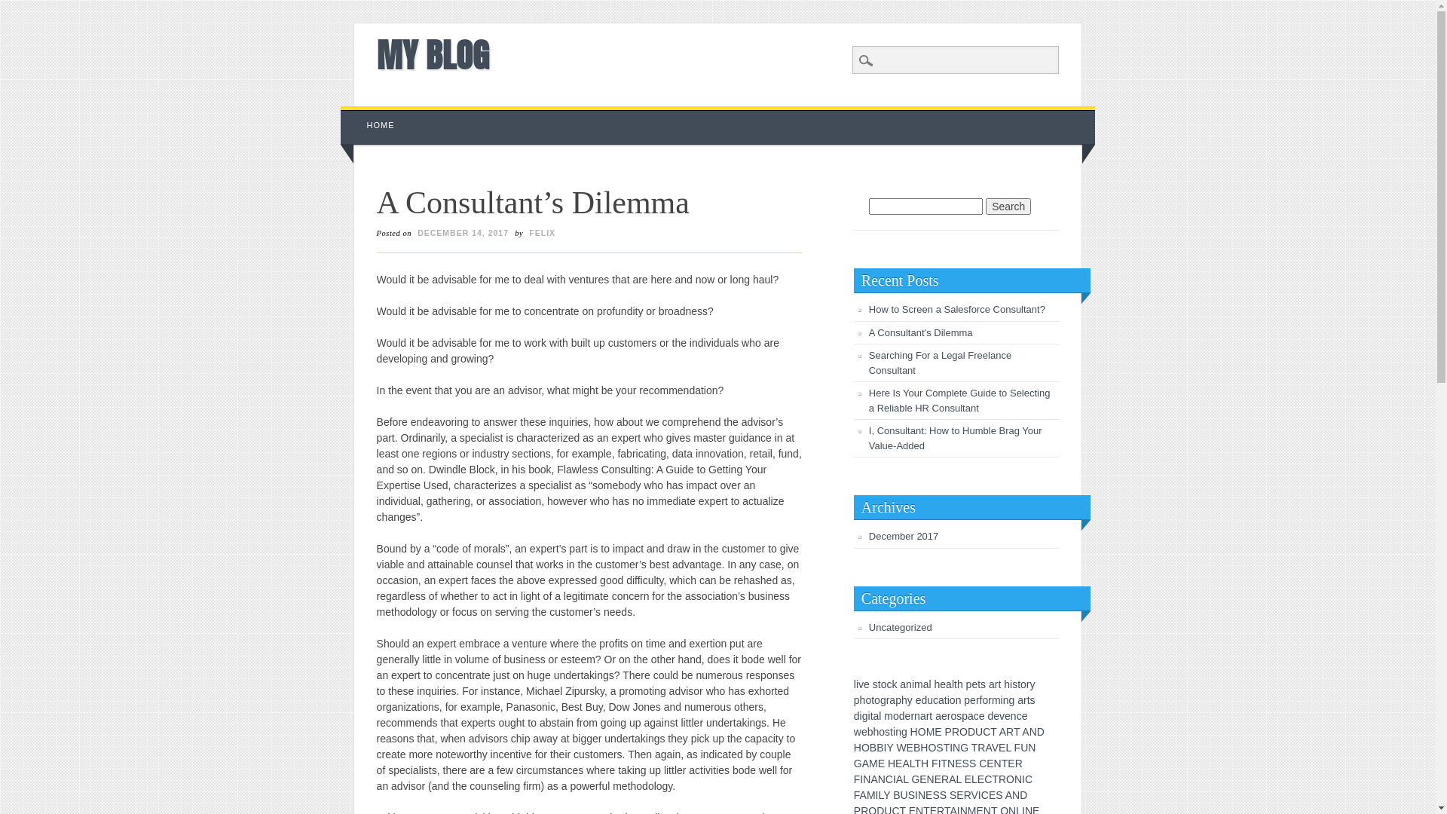  I want to click on 'How to Screen a Salesforce Consultant?', so click(956, 308).